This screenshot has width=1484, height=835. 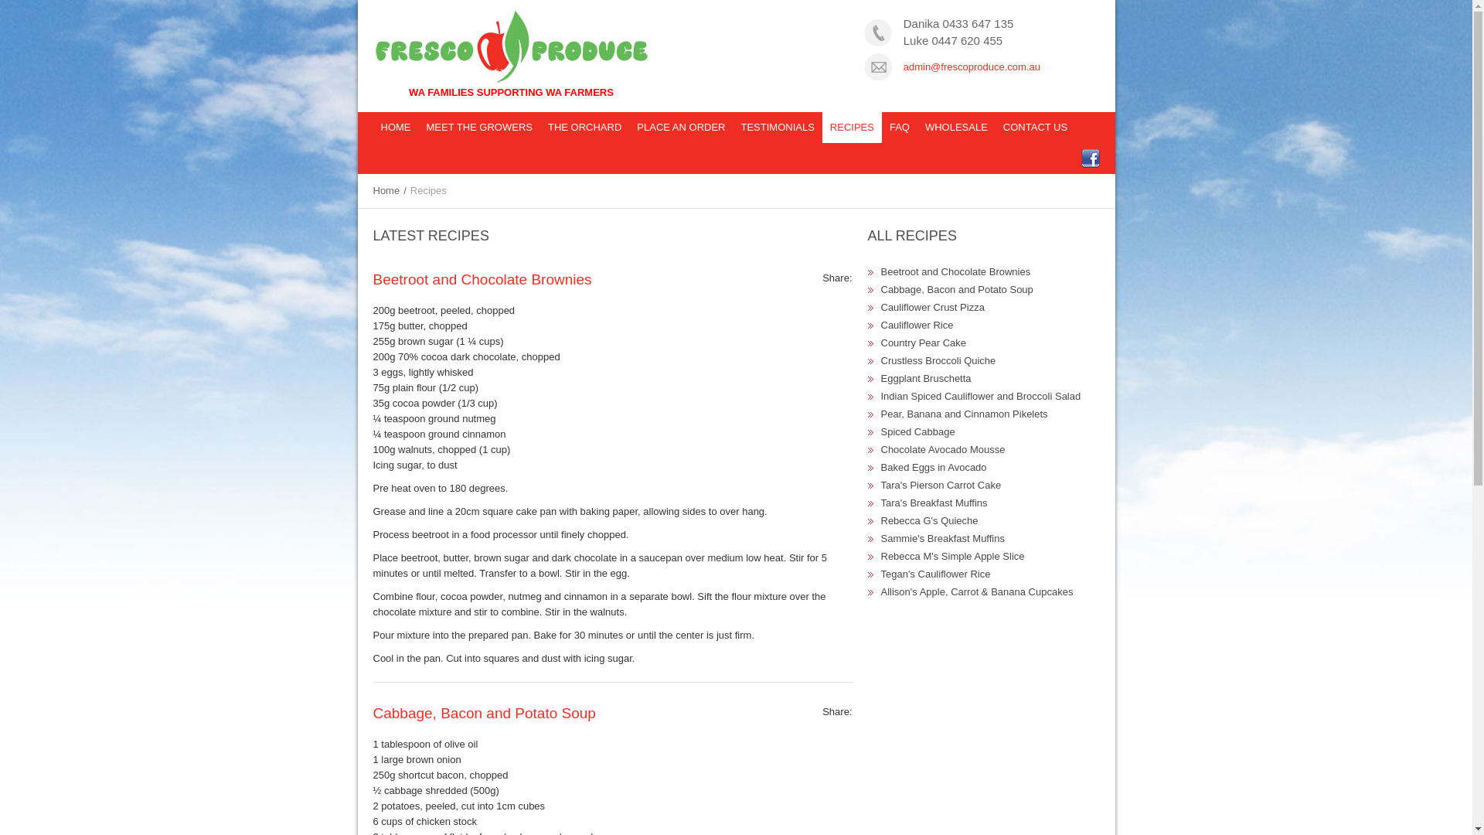 I want to click on 'Tara's Breakfast Muffins', so click(x=934, y=503).